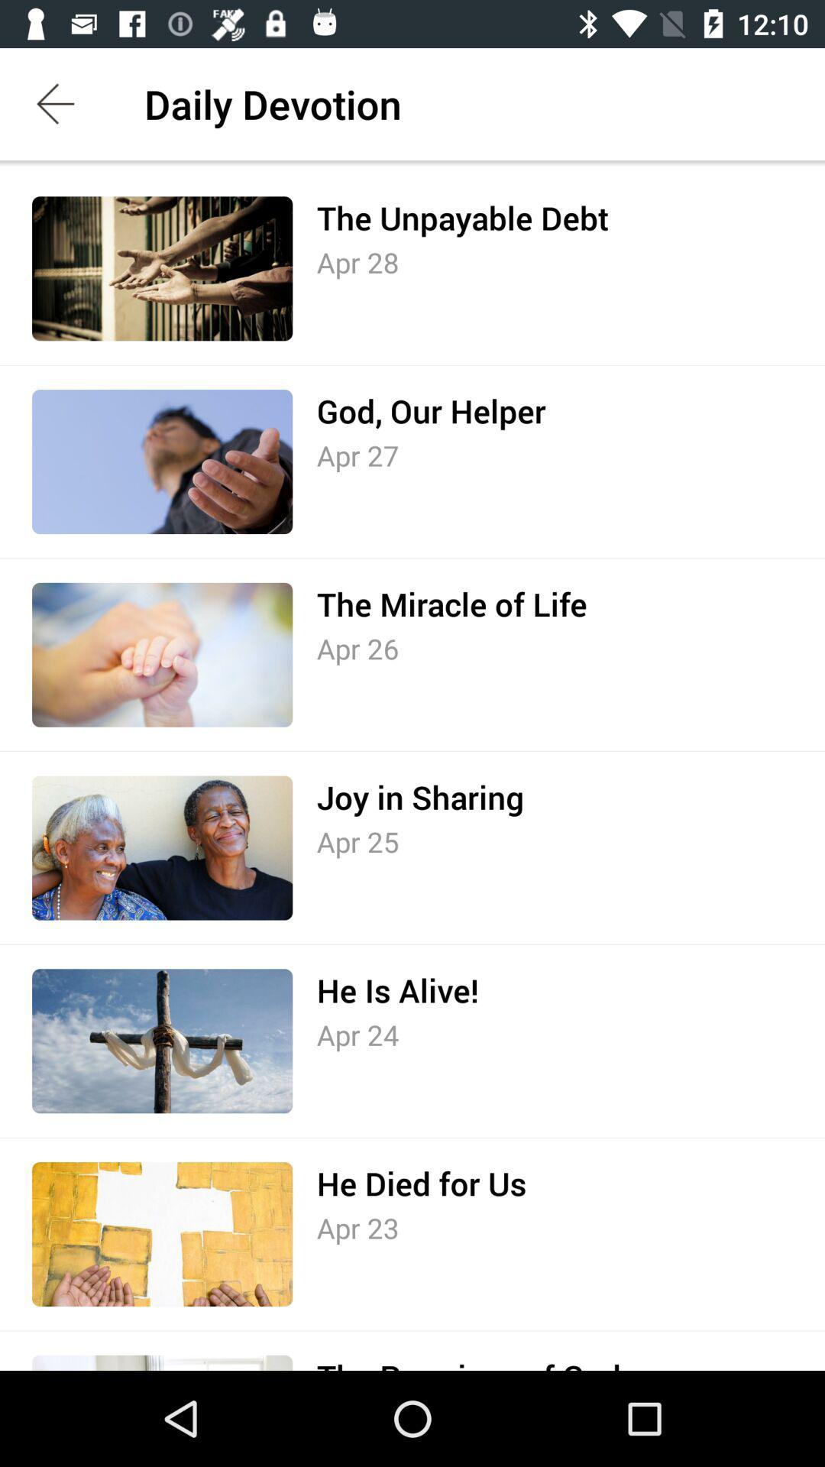  I want to click on the apr 28 item, so click(357, 262).